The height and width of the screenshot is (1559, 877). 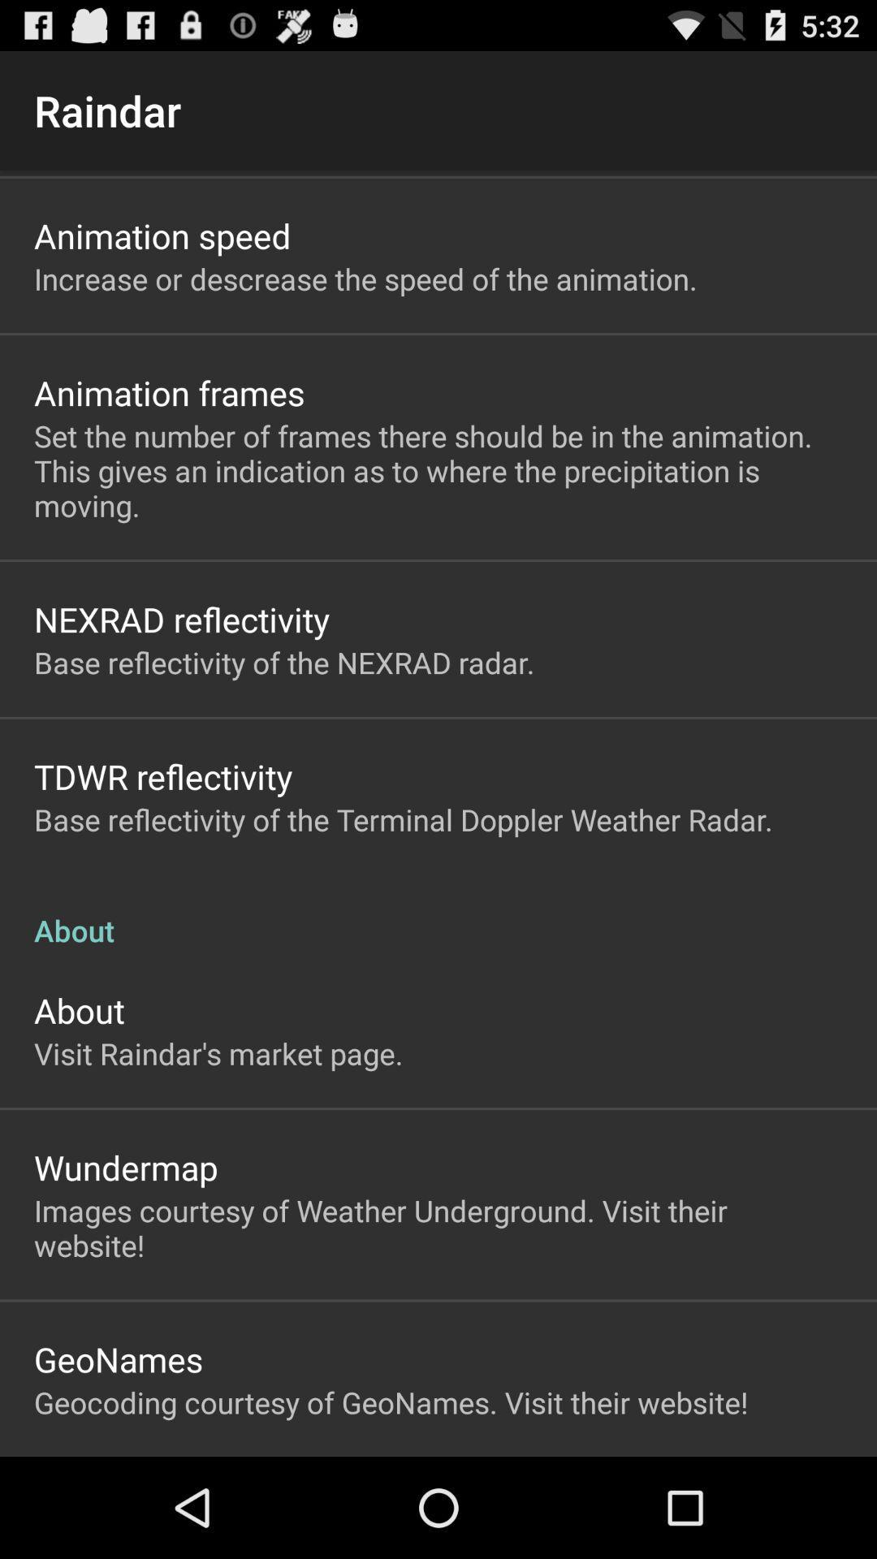 What do you see at coordinates (391, 1401) in the screenshot?
I see `the icon below the geonames item` at bounding box center [391, 1401].